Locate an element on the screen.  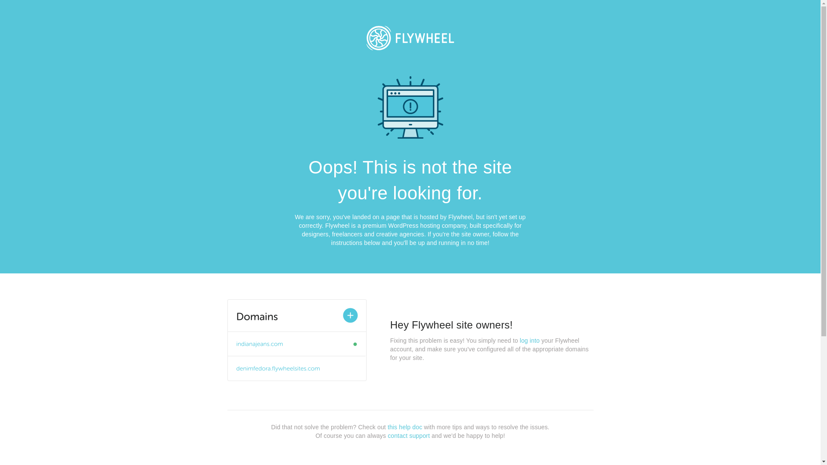
'contact support' is located at coordinates (387, 435).